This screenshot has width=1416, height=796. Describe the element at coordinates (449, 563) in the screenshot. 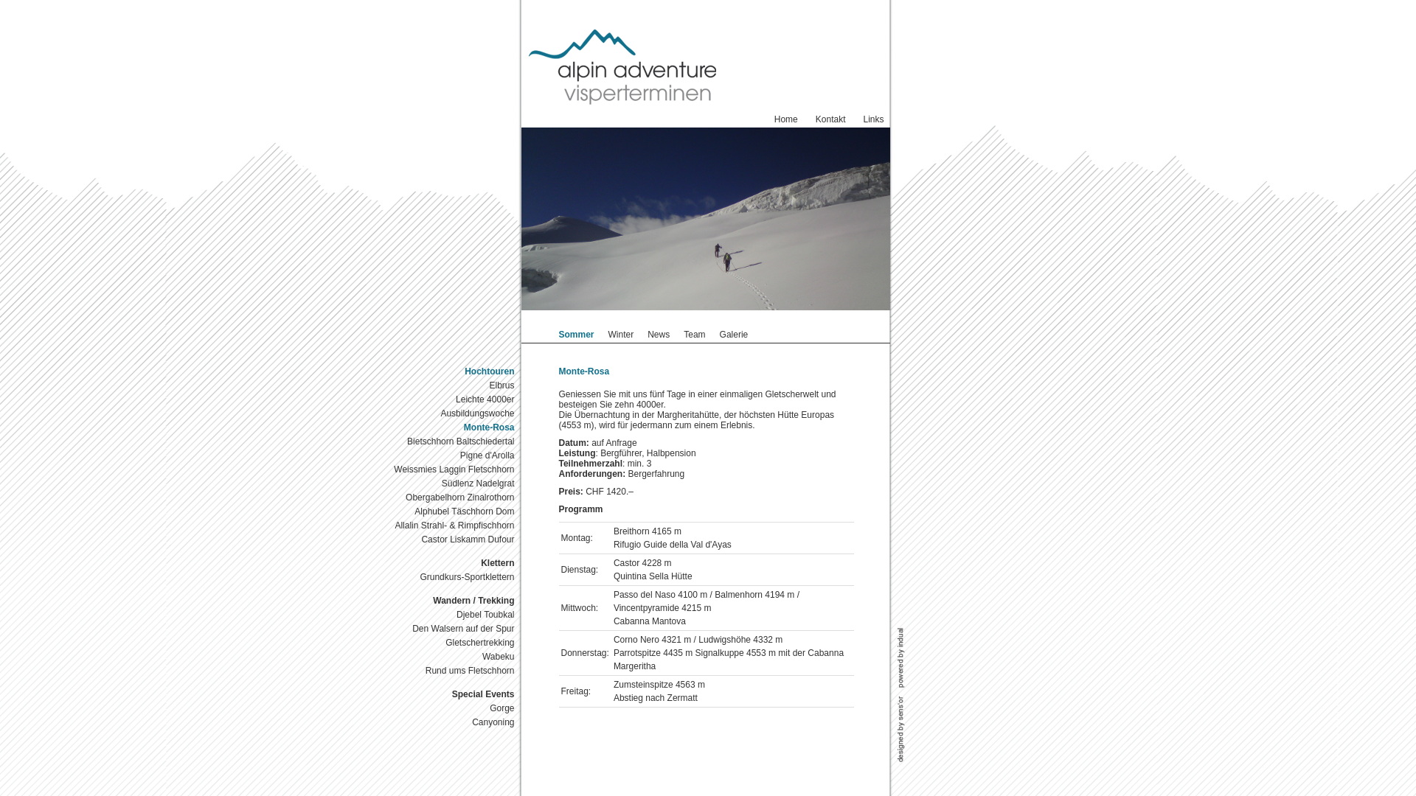

I see `'Klettern'` at that location.